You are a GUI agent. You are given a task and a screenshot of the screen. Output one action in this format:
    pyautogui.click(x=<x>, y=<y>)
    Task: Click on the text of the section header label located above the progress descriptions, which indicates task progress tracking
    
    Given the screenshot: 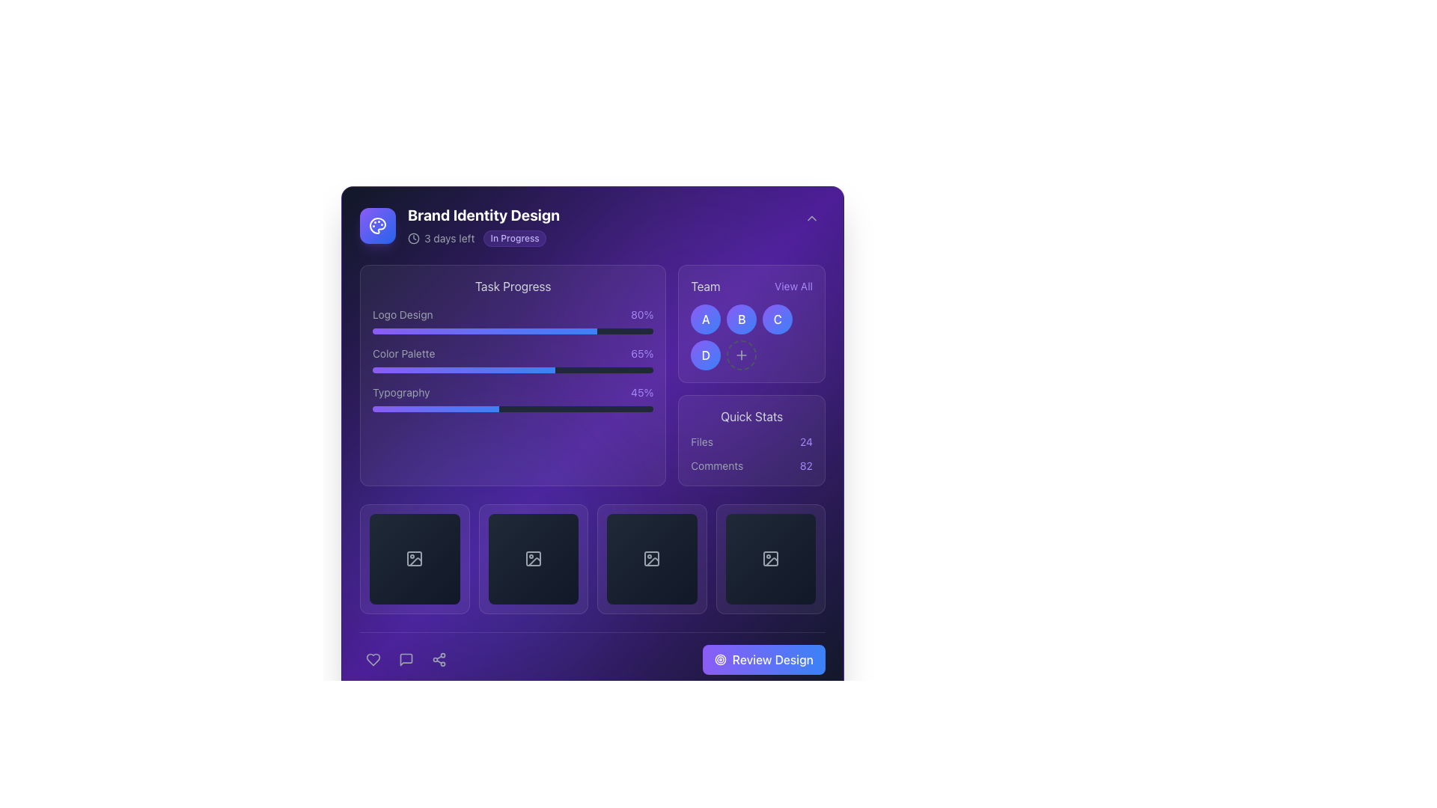 What is the action you would take?
    pyautogui.click(x=513, y=286)
    